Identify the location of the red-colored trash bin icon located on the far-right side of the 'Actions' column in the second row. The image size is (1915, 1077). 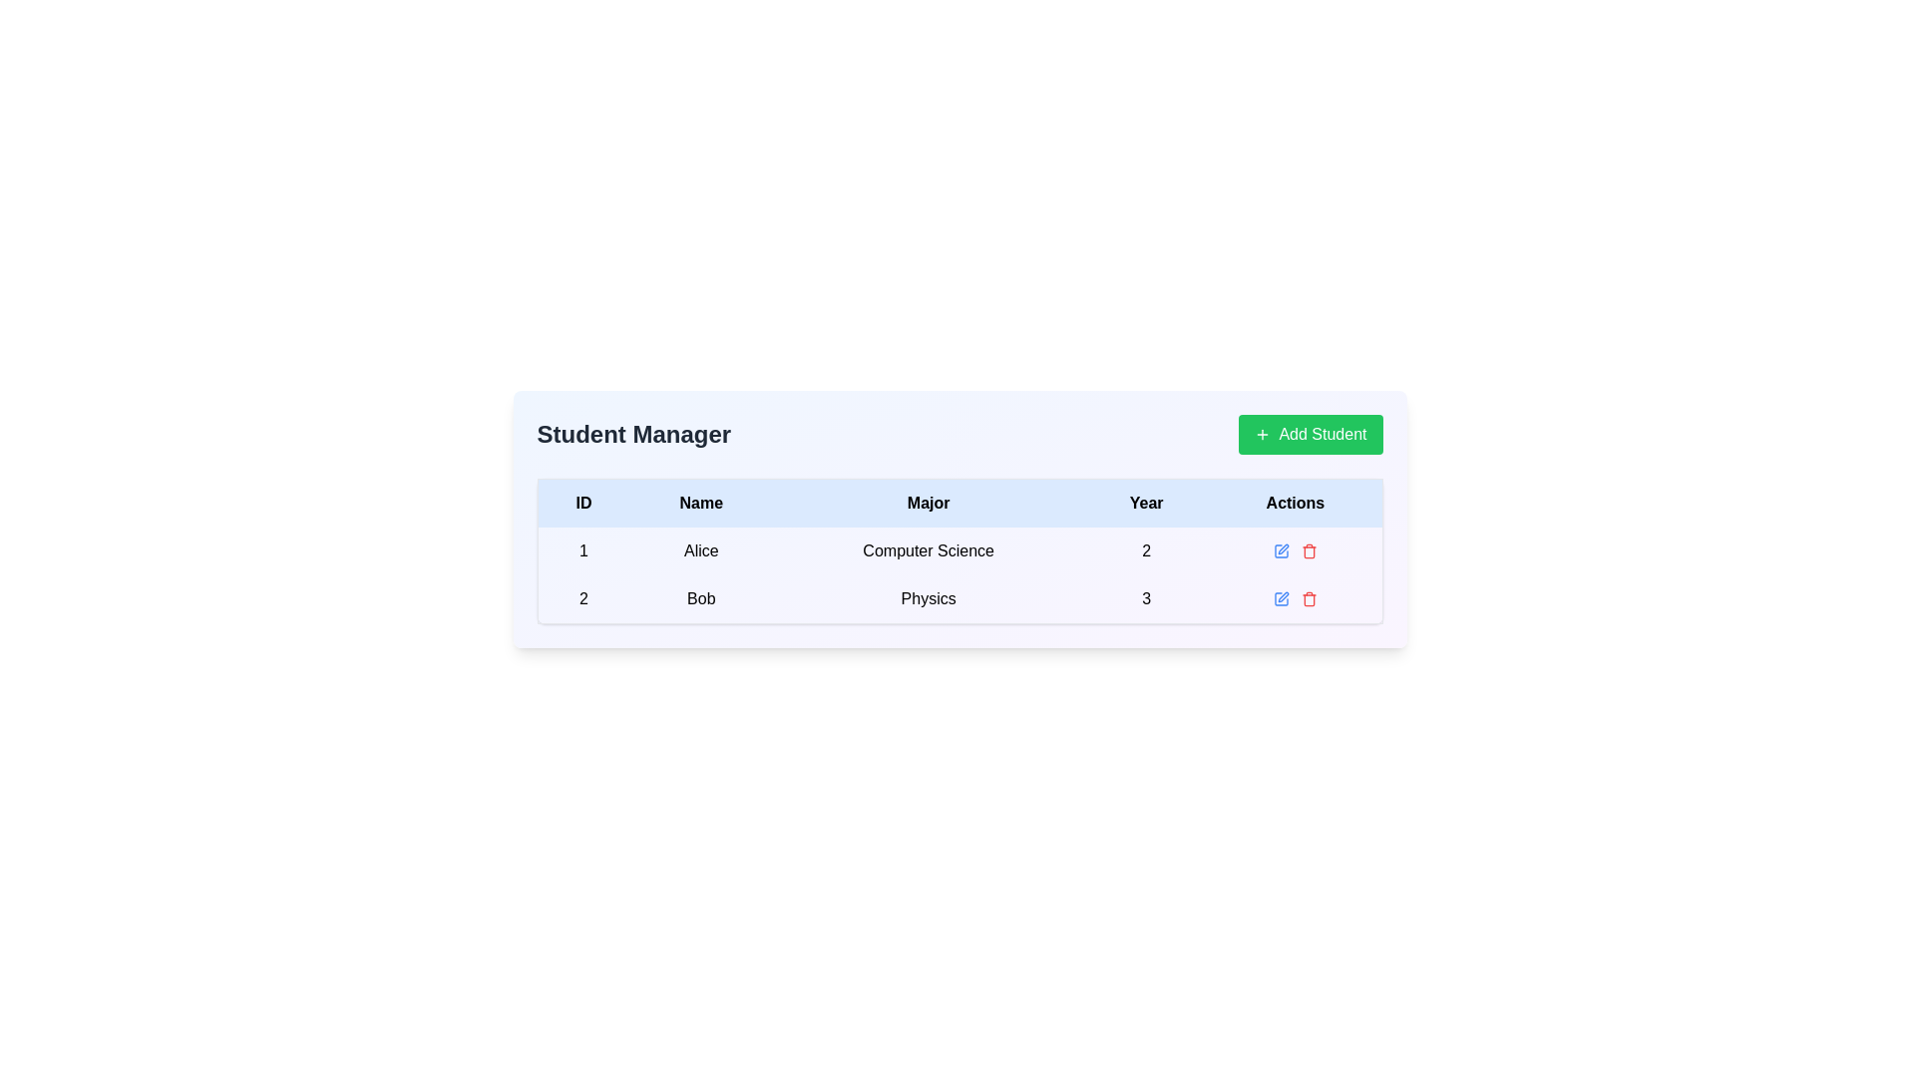
(1309, 550).